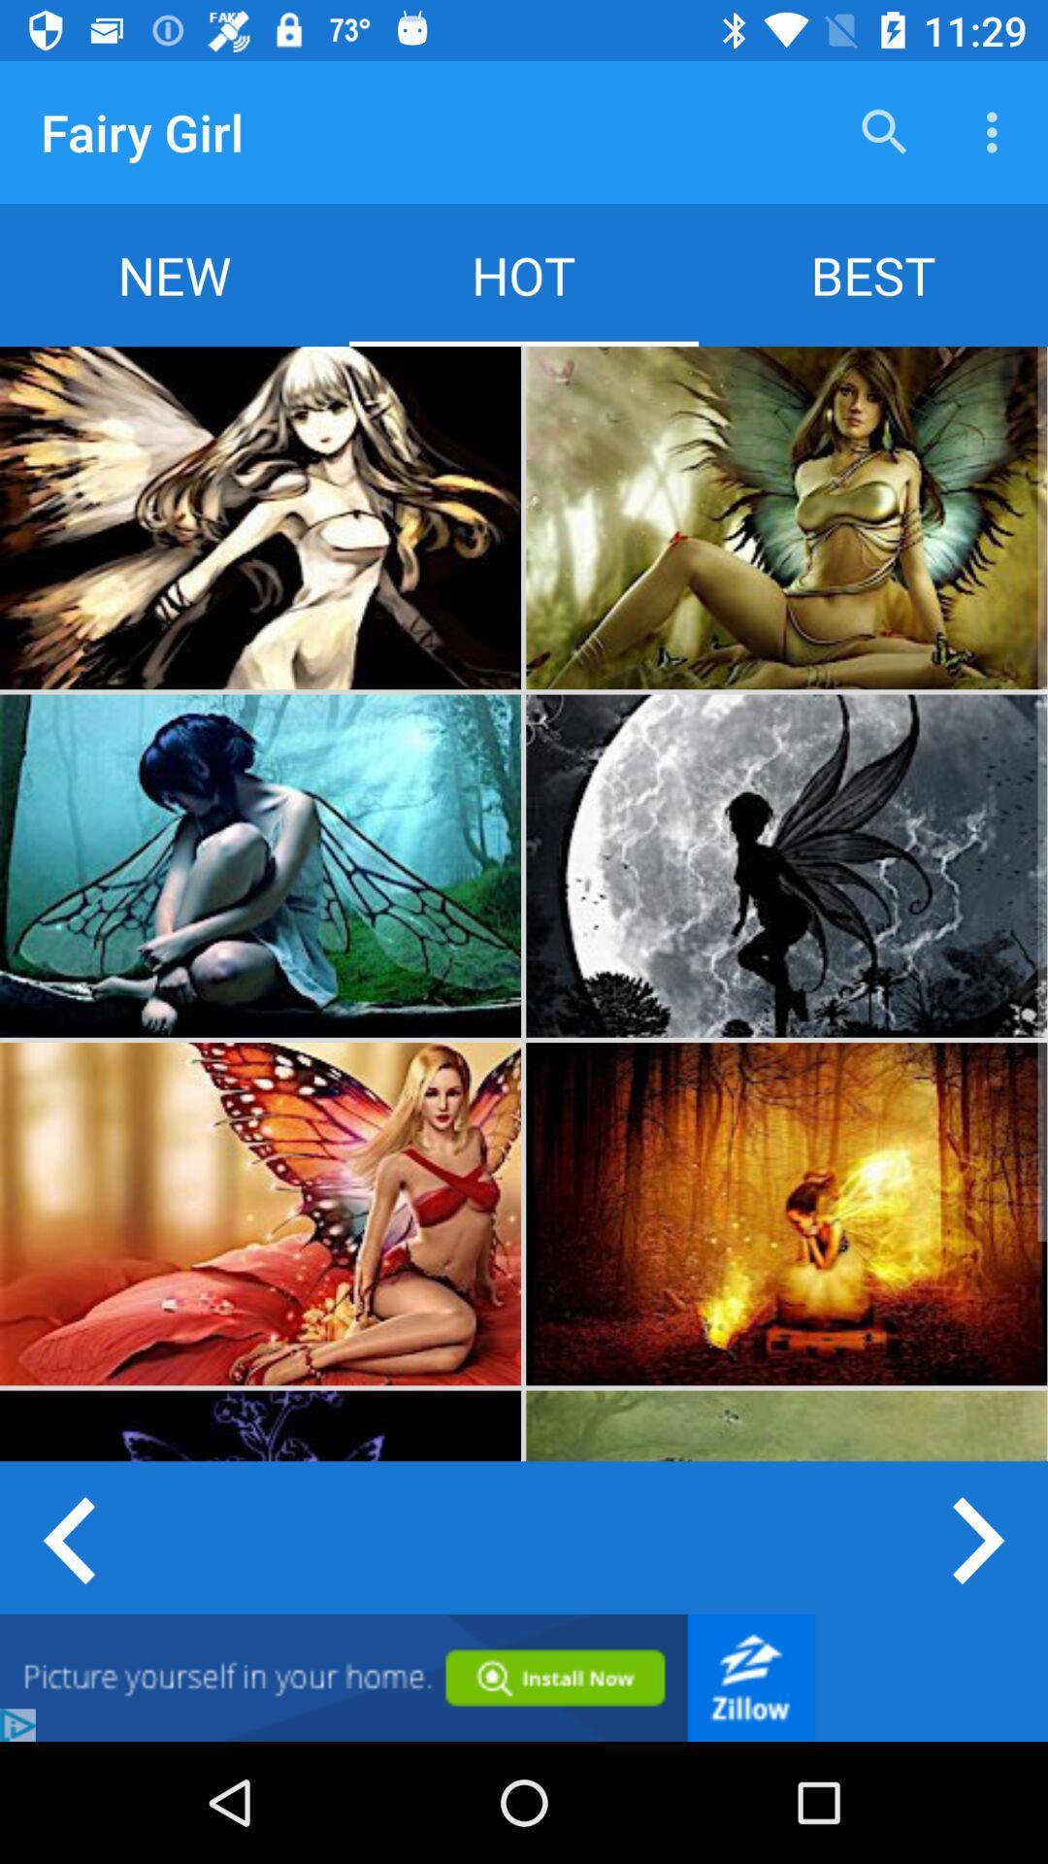 The width and height of the screenshot is (1048, 1864). I want to click on open advertisement, so click(407, 1677).